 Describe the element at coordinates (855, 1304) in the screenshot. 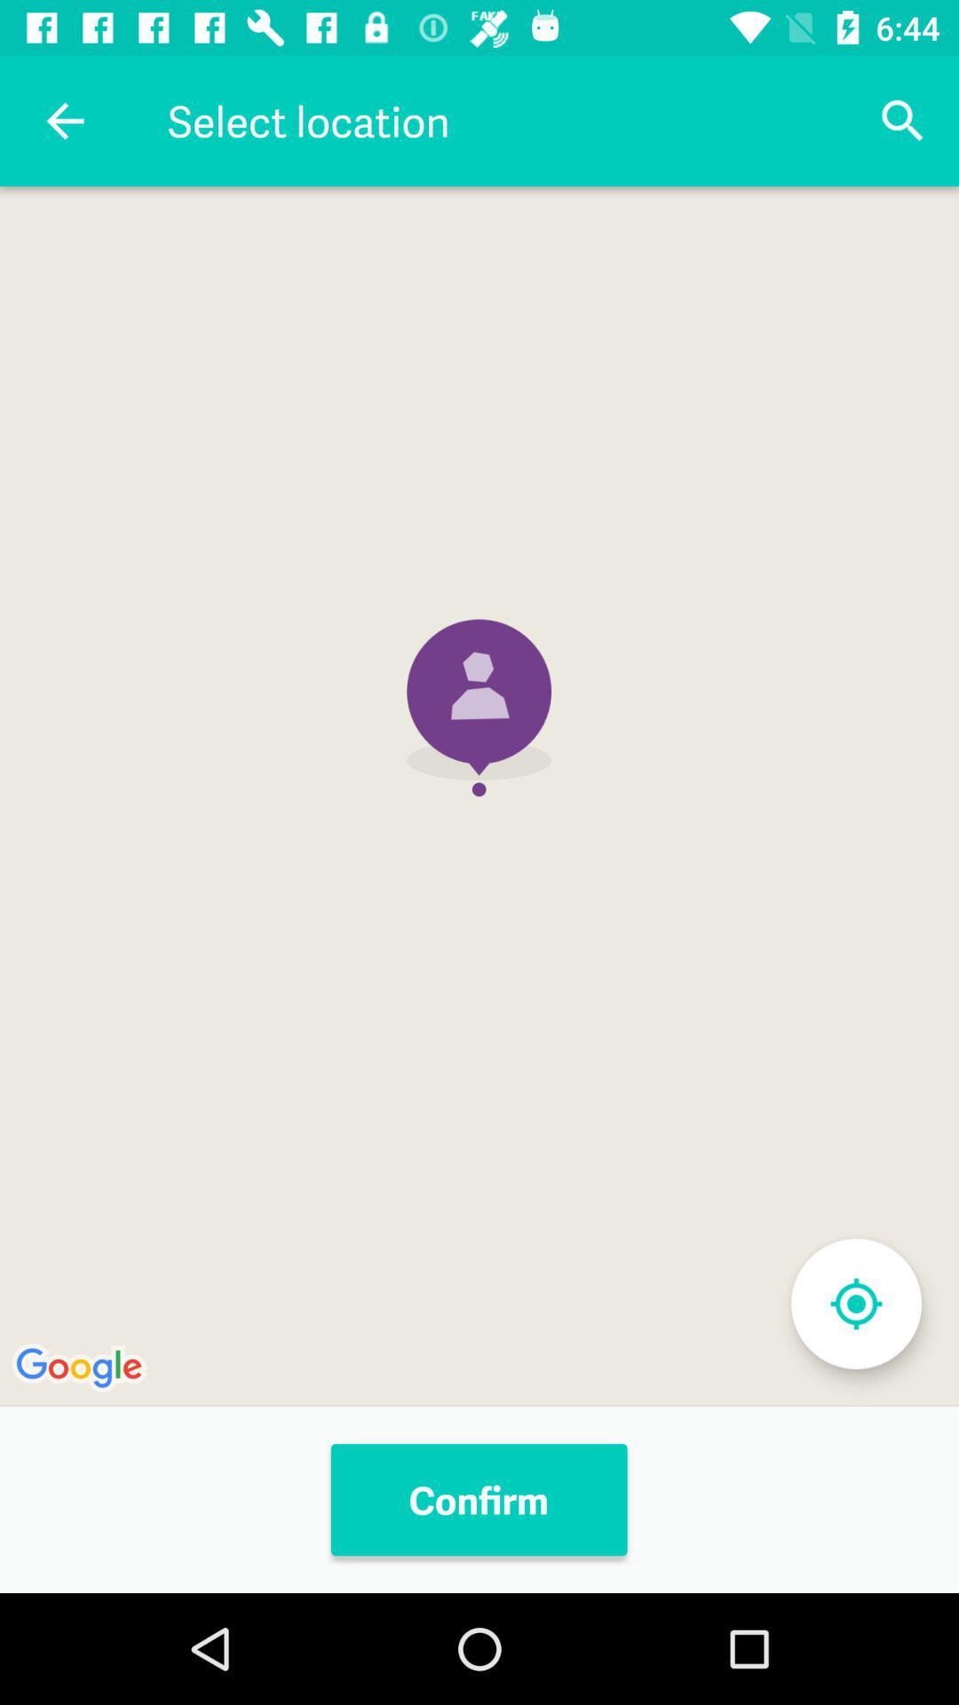

I see `my location` at that location.